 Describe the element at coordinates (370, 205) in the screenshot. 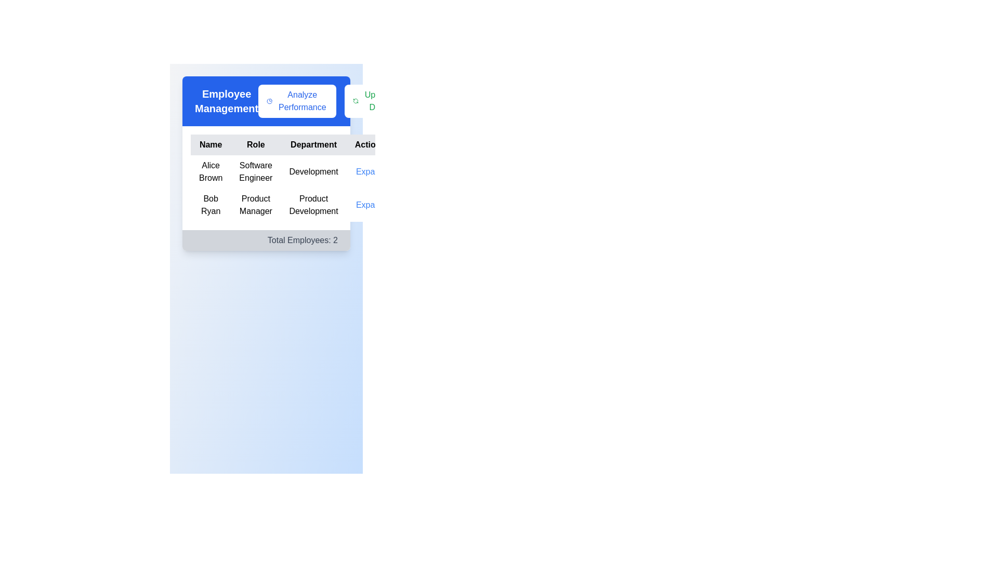

I see `the hyperlink styled text in the 'Action' column related to 'Bob Ryan'` at that location.